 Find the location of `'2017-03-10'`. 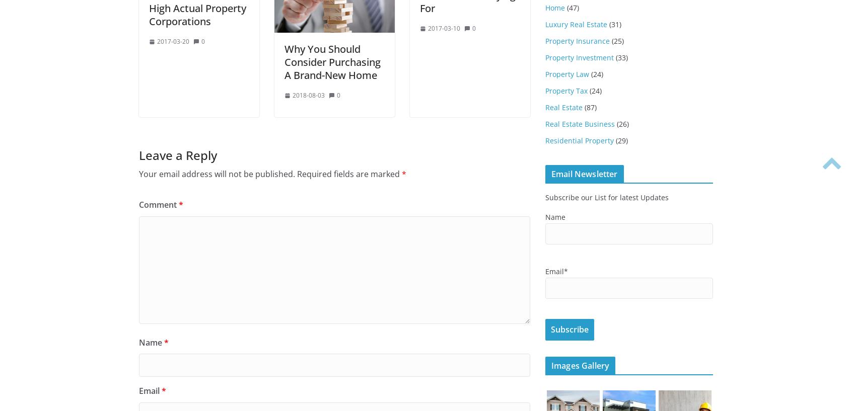

'2017-03-10' is located at coordinates (444, 28).